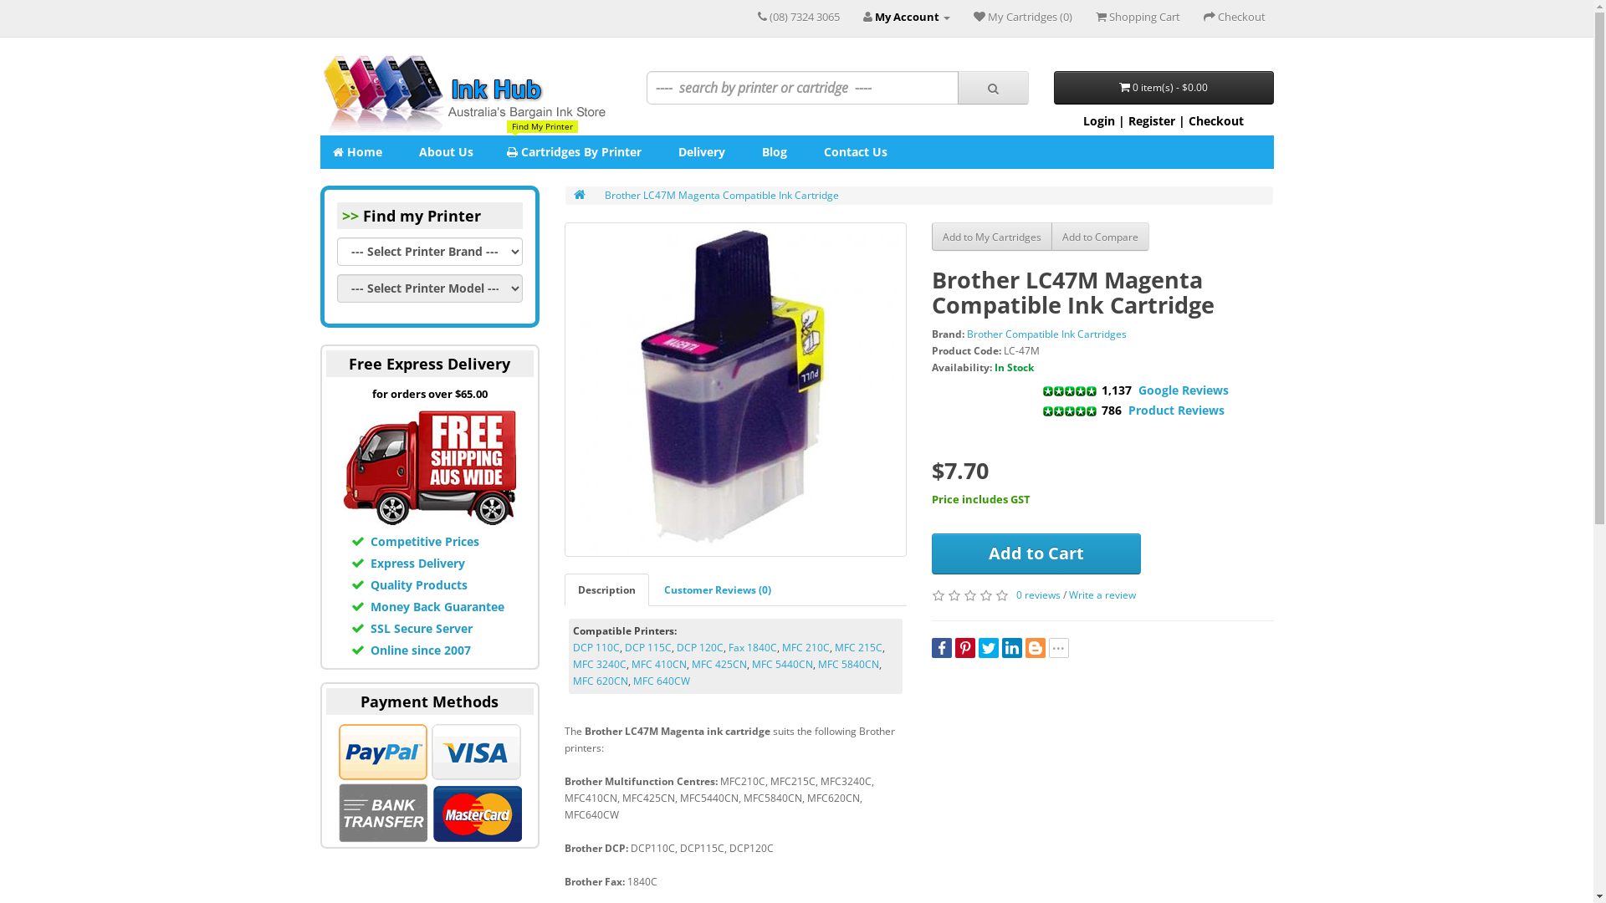  I want to click on '0 item(s) - $0.00', so click(1163, 87).